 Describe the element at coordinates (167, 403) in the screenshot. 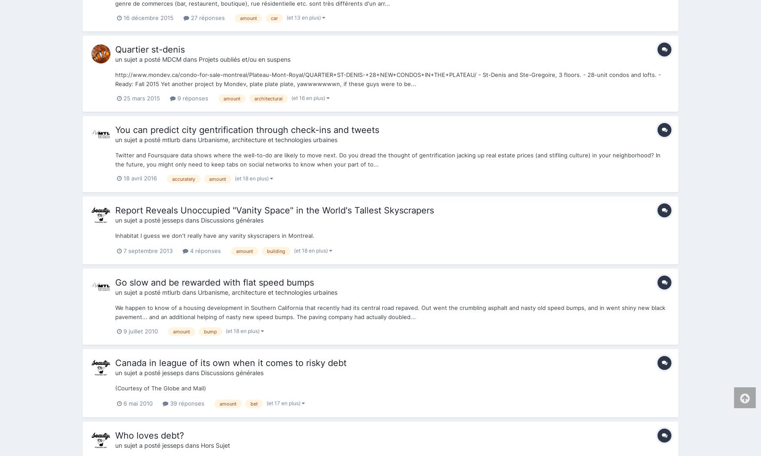

I see `'39 réponses'` at that location.